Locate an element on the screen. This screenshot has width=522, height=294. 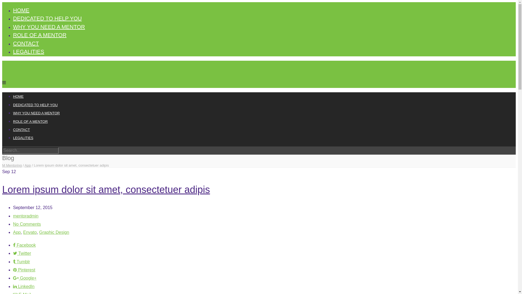
'App' is located at coordinates (17, 232).